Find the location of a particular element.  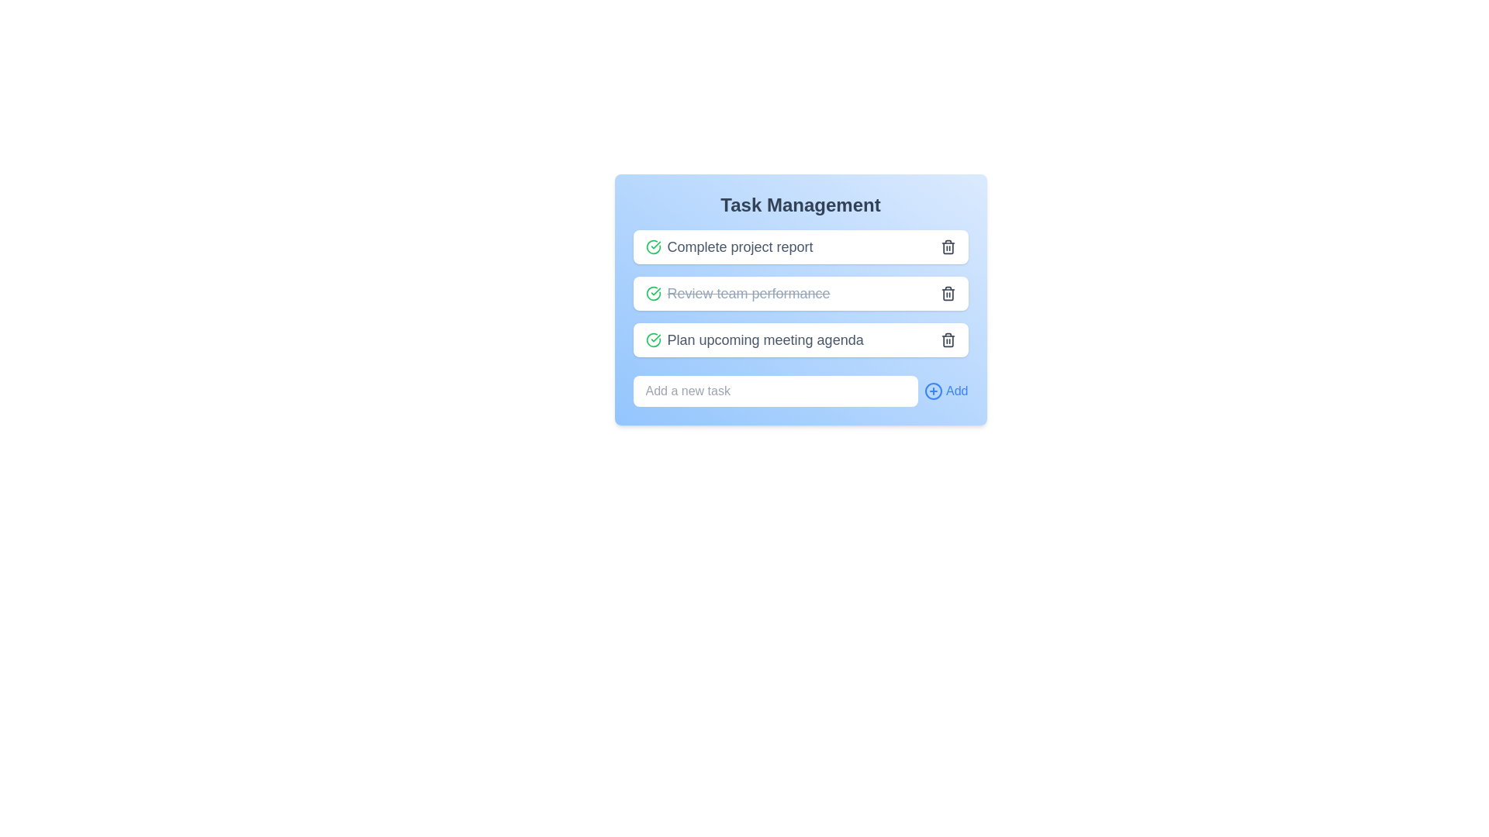

the green circular check icon representing task completion for 'Plan upcoming meeting agenda' is located at coordinates (653, 339).